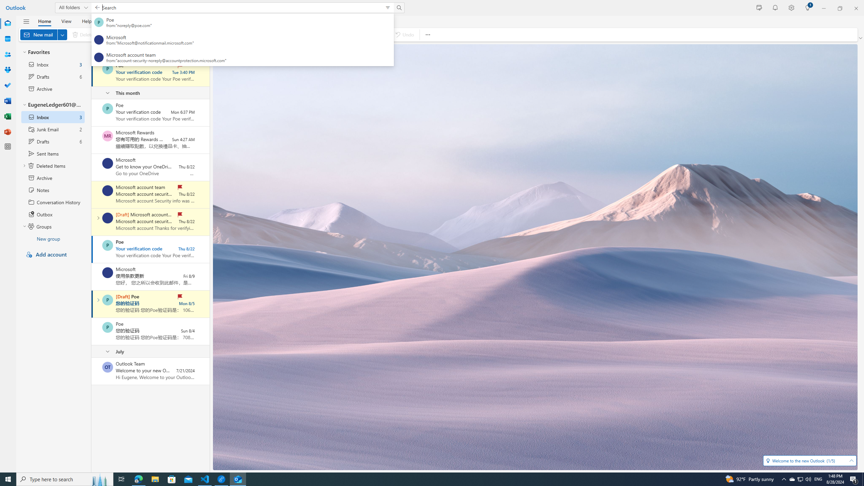  I want to click on 'Ribbon display options', so click(861, 38).